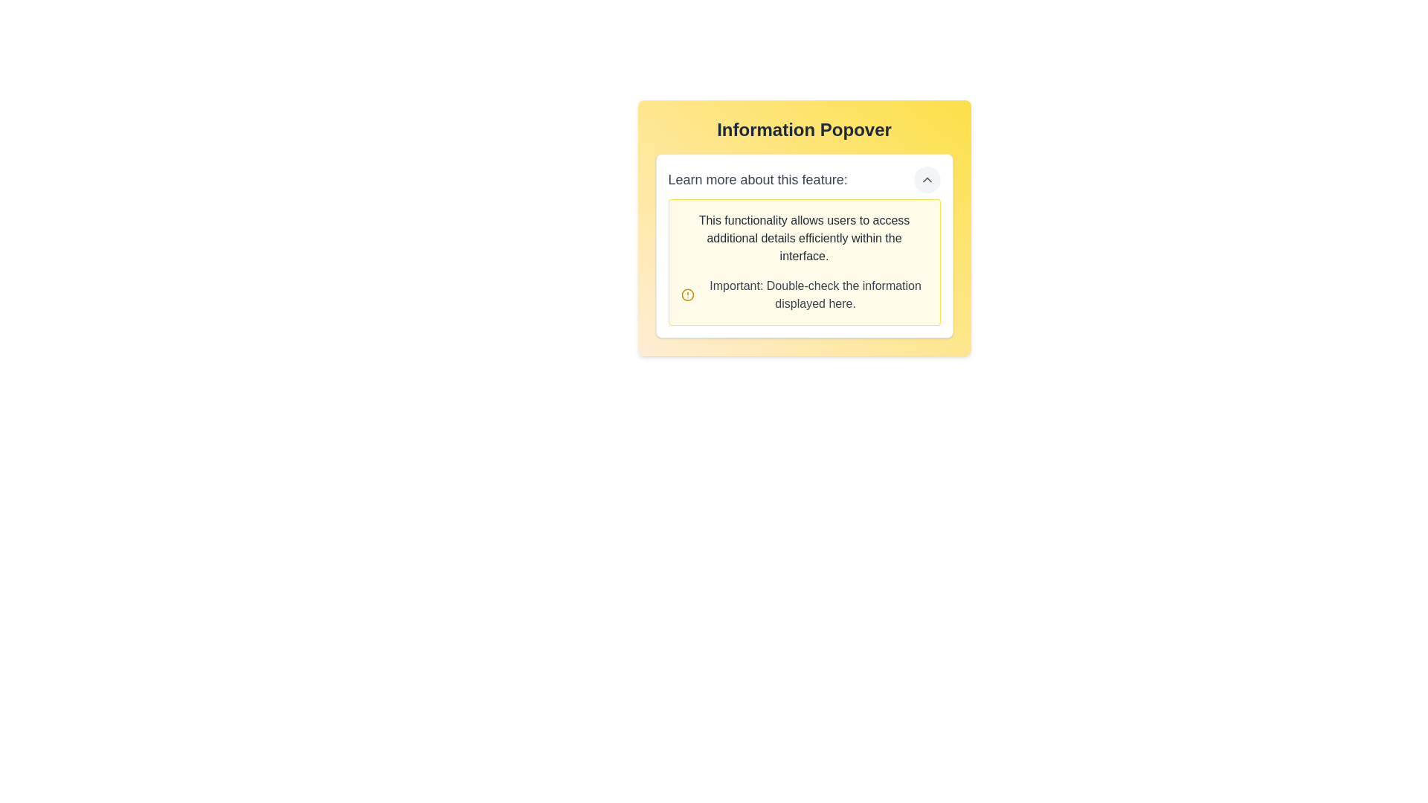  I want to click on the circular warning icon with a yellow border and an exclamation mark, positioned to the left of the text 'Important: Double-check the information displayed here.', so click(686, 295).